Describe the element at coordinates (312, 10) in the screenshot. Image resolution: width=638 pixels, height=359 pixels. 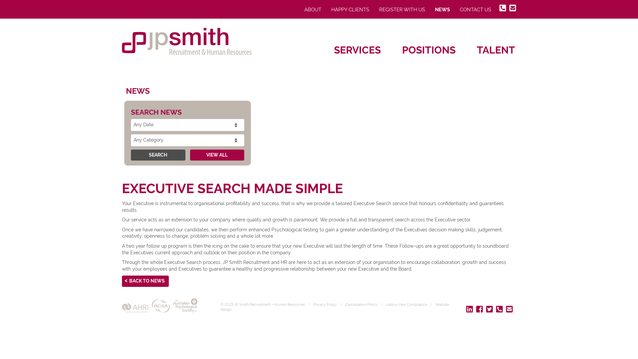
I see `'ABOUT'` at that location.